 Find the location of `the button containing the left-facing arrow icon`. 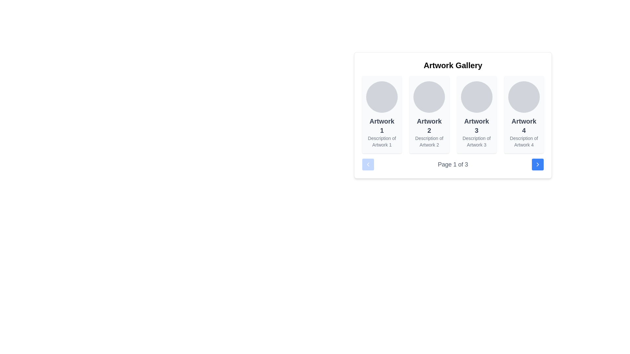

the button containing the left-facing arrow icon is located at coordinates (368, 164).